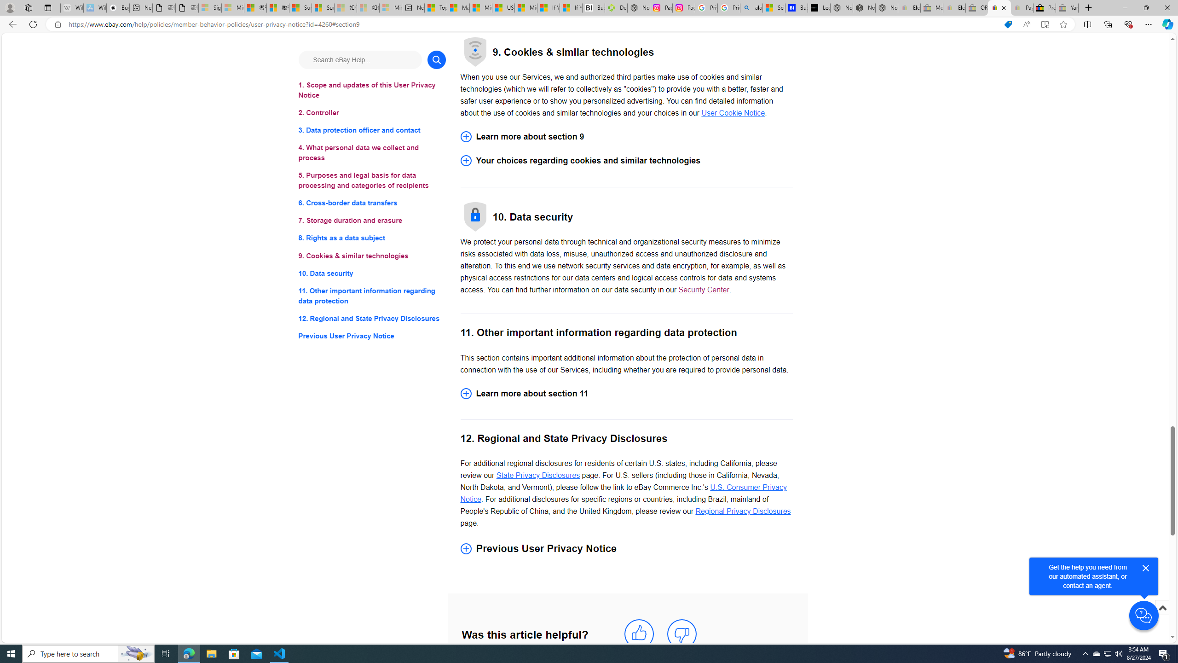 The image size is (1178, 663). I want to click on 'U.S. Consumer Privacy Notice - opens in new window or tab', so click(623, 494).